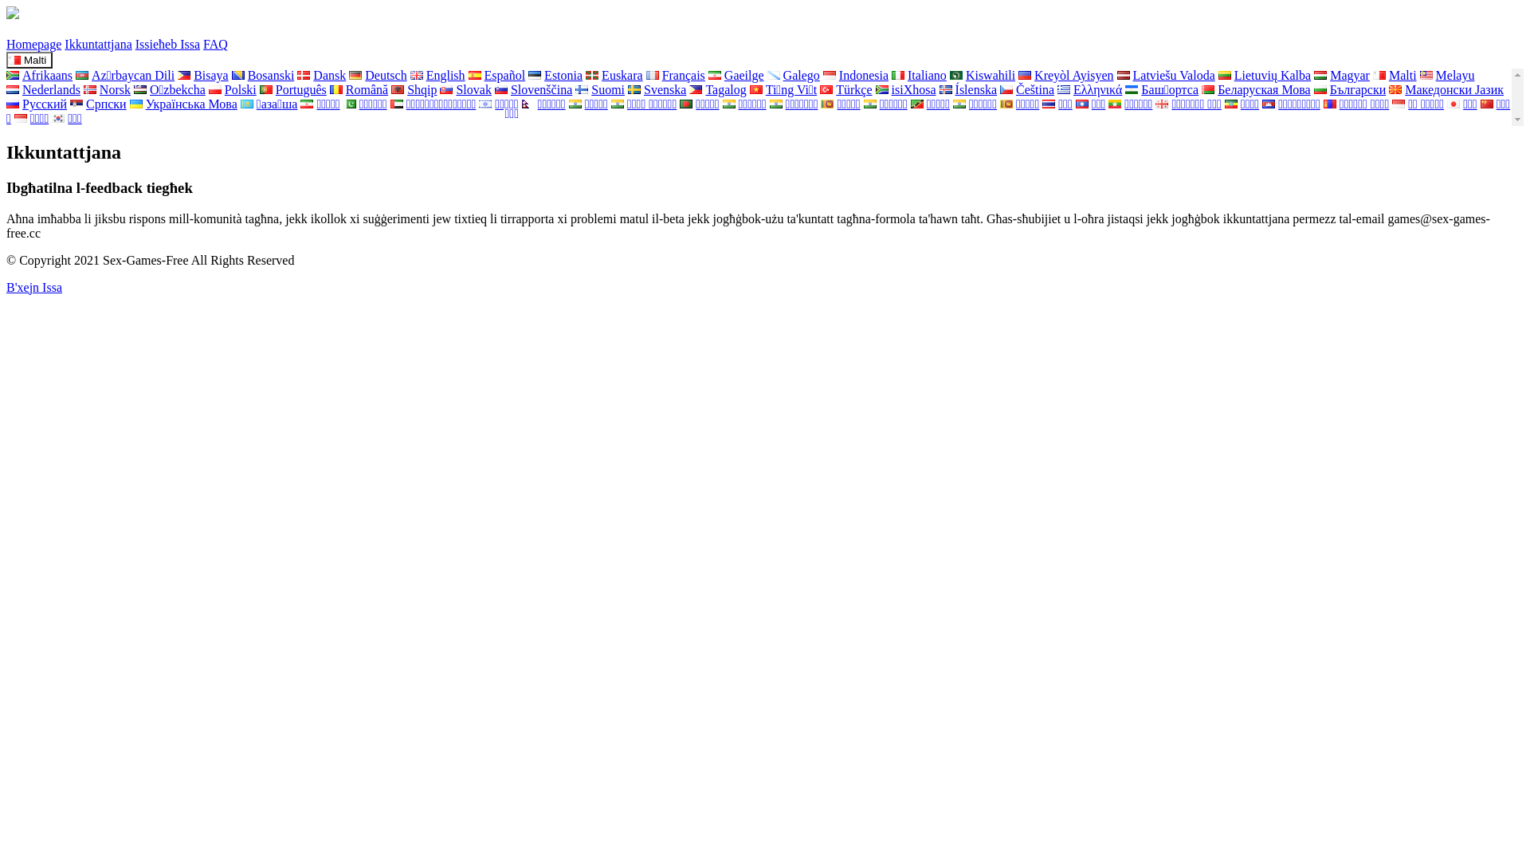 Image resolution: width=1530 pixels, height=861 pixels. I want to click on 'Melayu', so click(1447, 75).